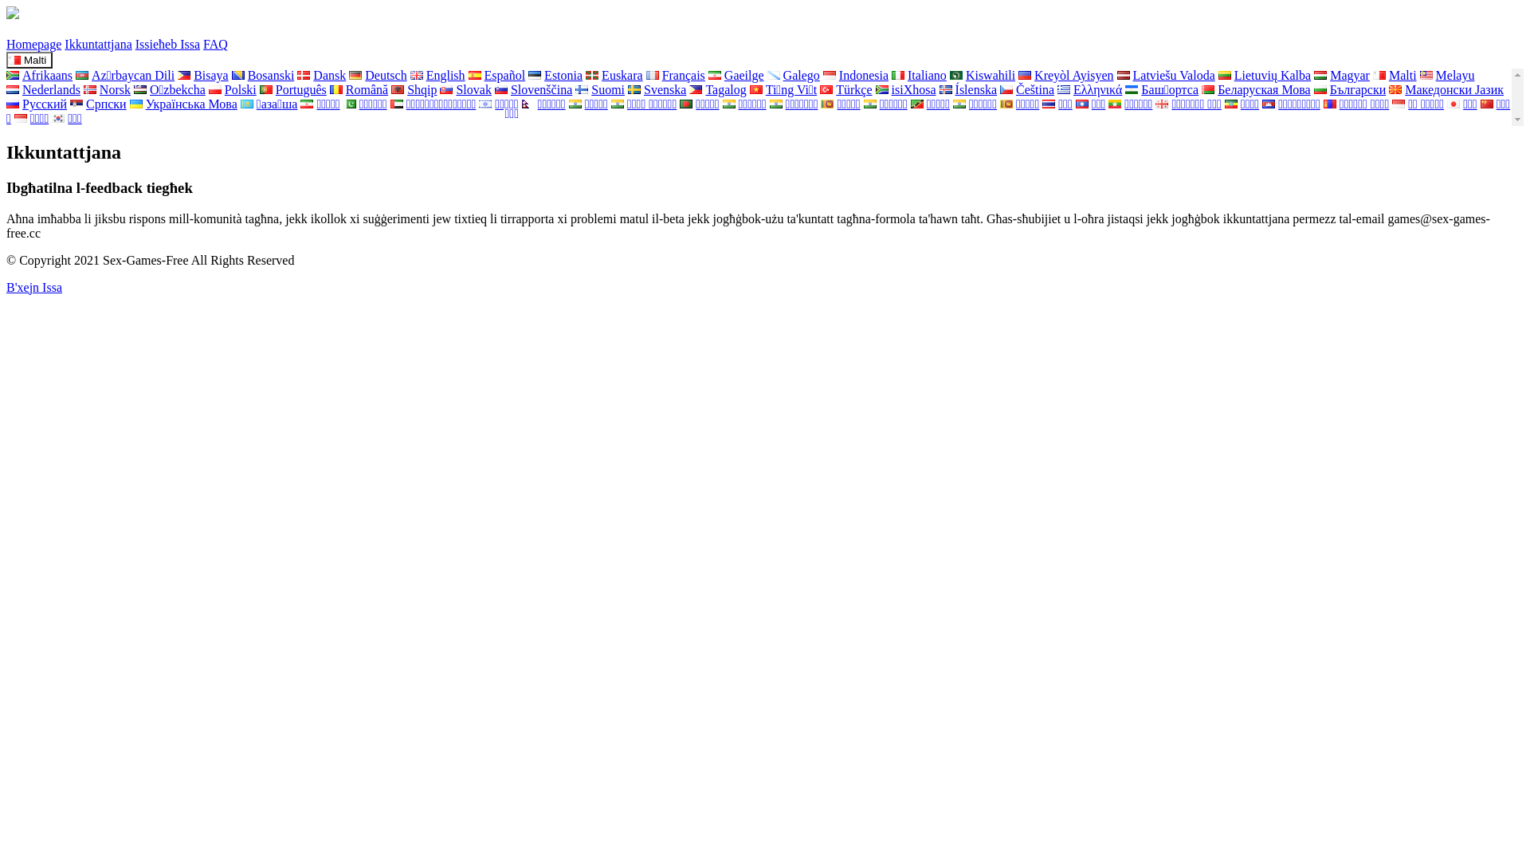 Image resolution: width=1530 pixels, height=861 pixels. I want to click on 'Melayu', so click(1447, 75).